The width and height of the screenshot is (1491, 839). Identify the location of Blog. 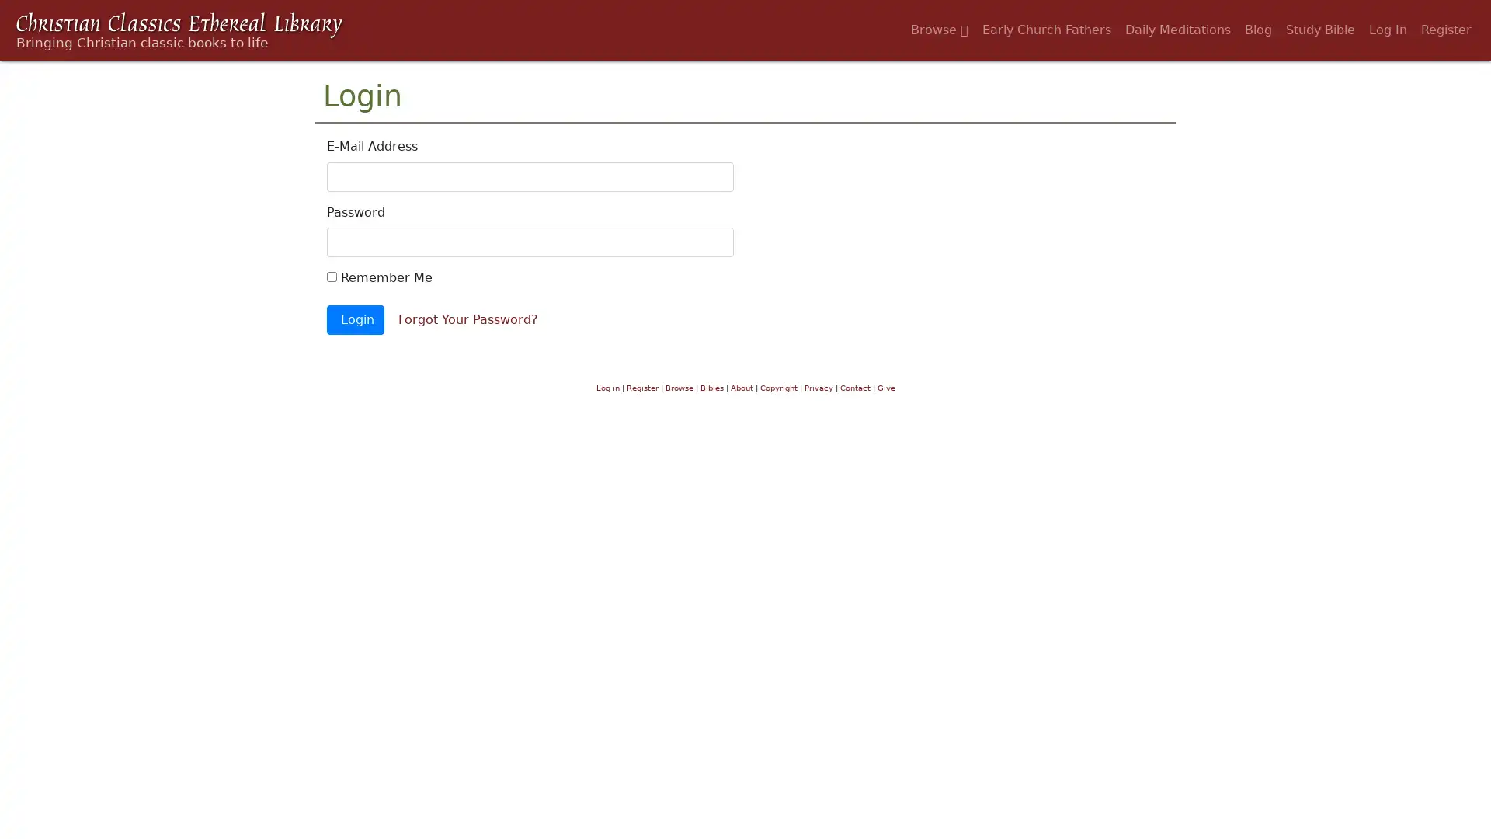
(1258, 30).